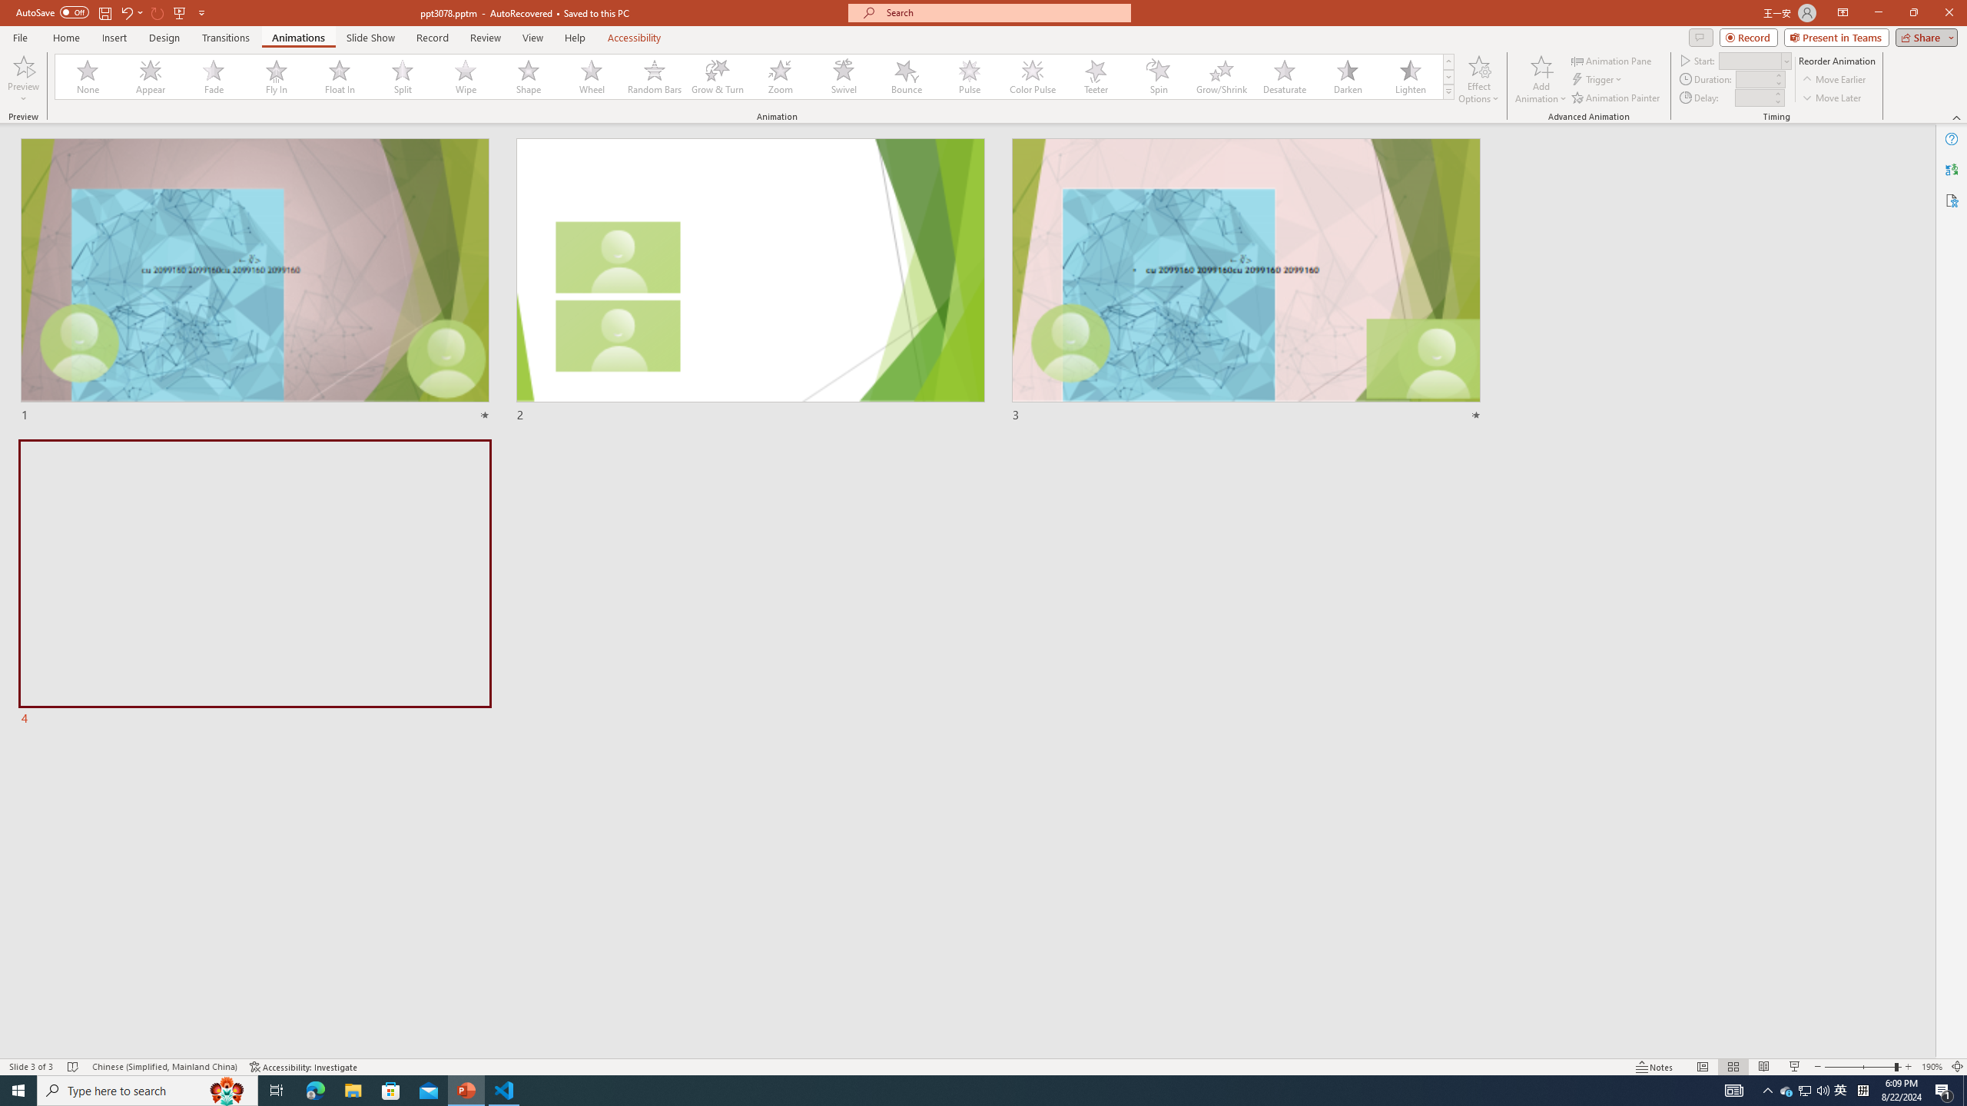 This screenshot has height=1106, width=1967. What do you see at coordinates (1832, 98) in the screenshot?
I see `'Move Later'` at bounding box center [1832, 98].